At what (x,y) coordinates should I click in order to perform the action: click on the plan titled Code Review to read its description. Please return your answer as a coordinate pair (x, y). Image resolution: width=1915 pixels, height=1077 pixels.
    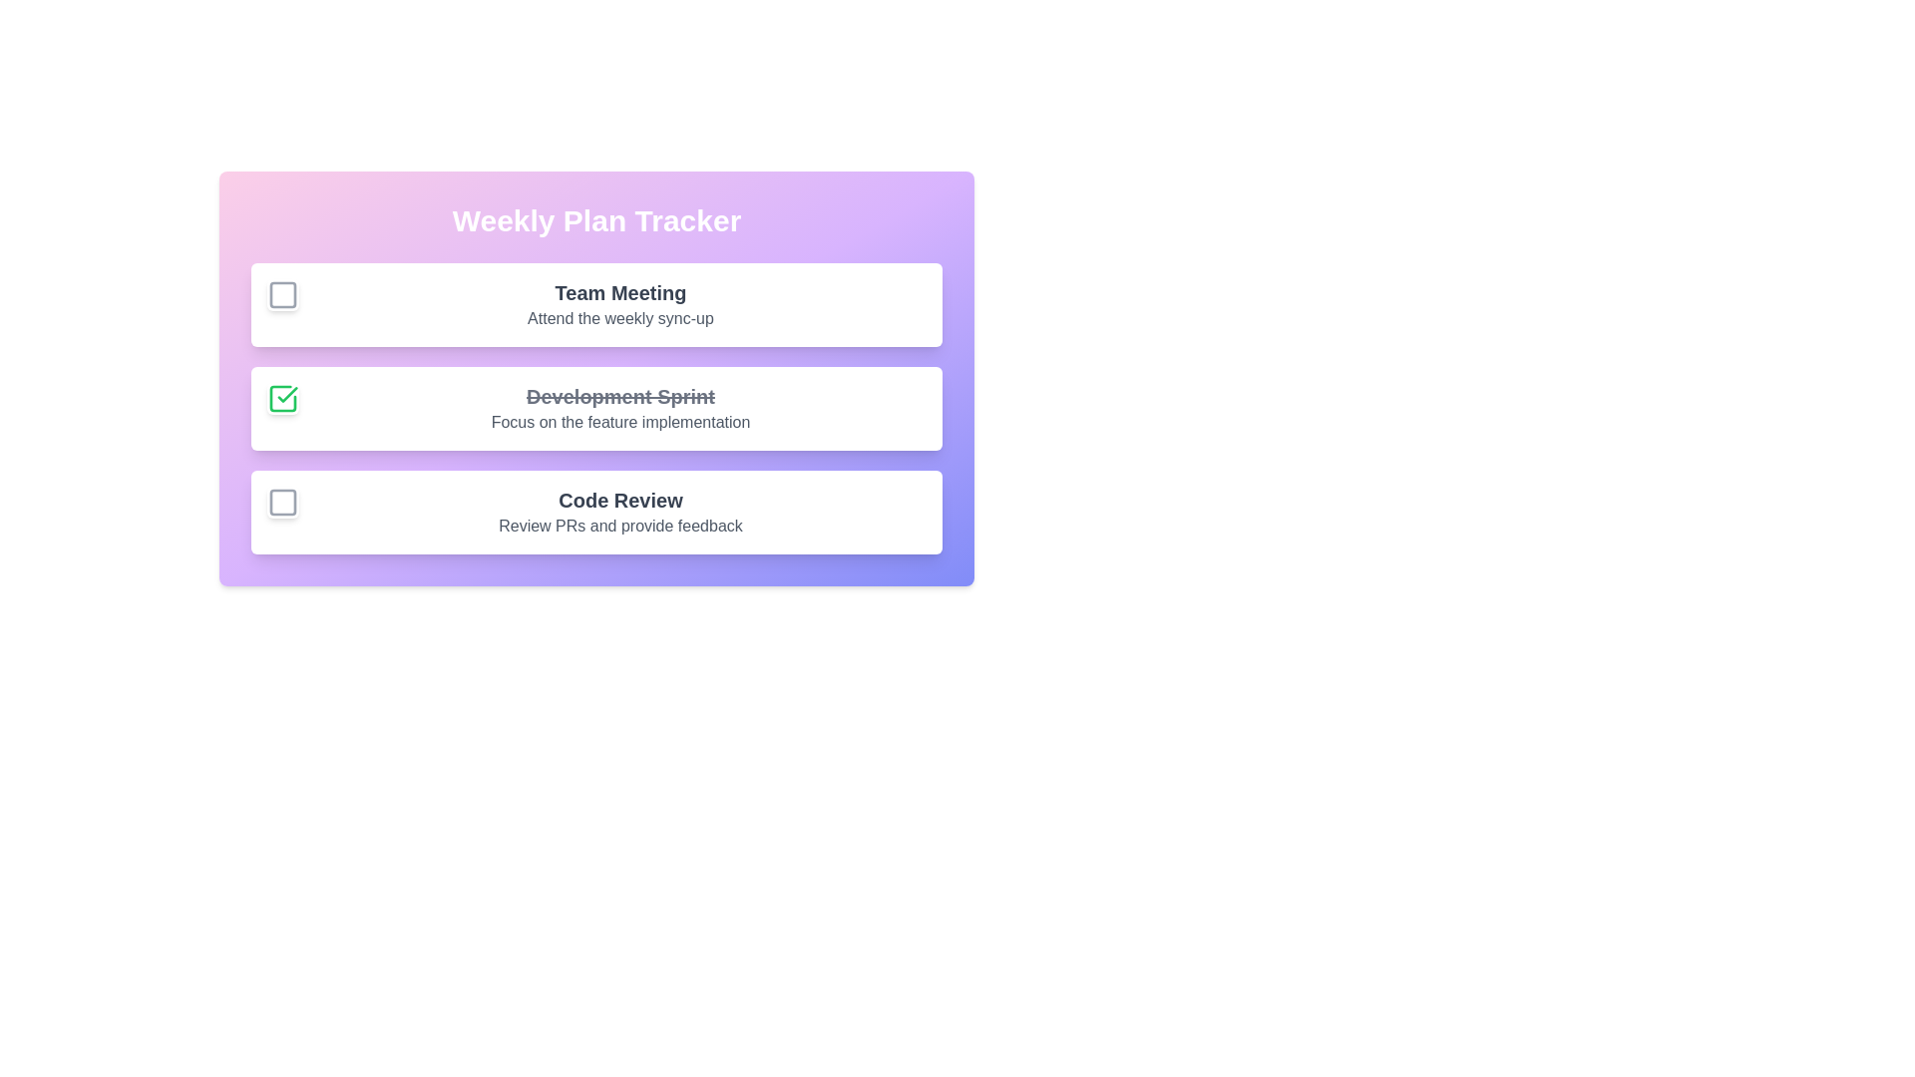
    Looking at the image, I should click on (619, 499).